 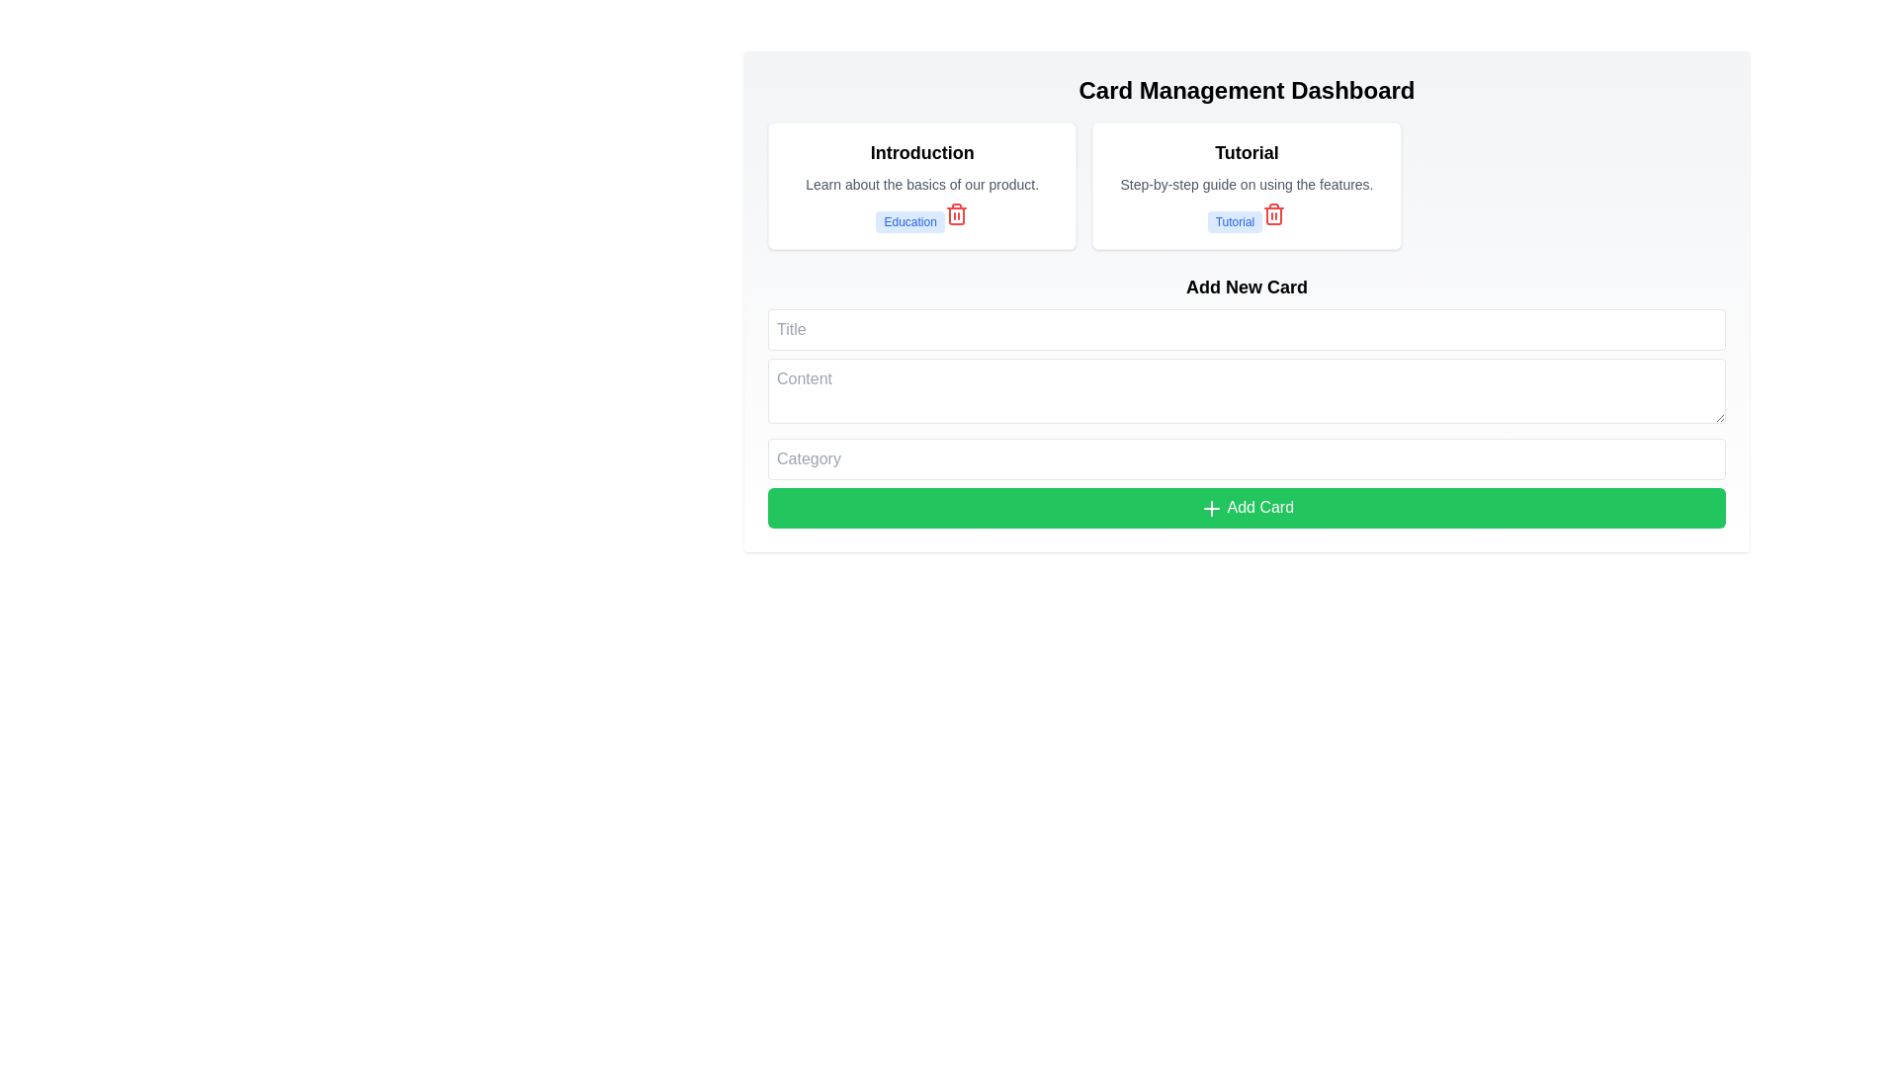 What do you see at coordinates (909, 221) in the screenshot?
I see `the 'Education' label element, which is a rectangular tag with rounded corners and a light blue background, located below the 'Introduction' card title in the top-left area of the interface` at bounding box center [909, 221].